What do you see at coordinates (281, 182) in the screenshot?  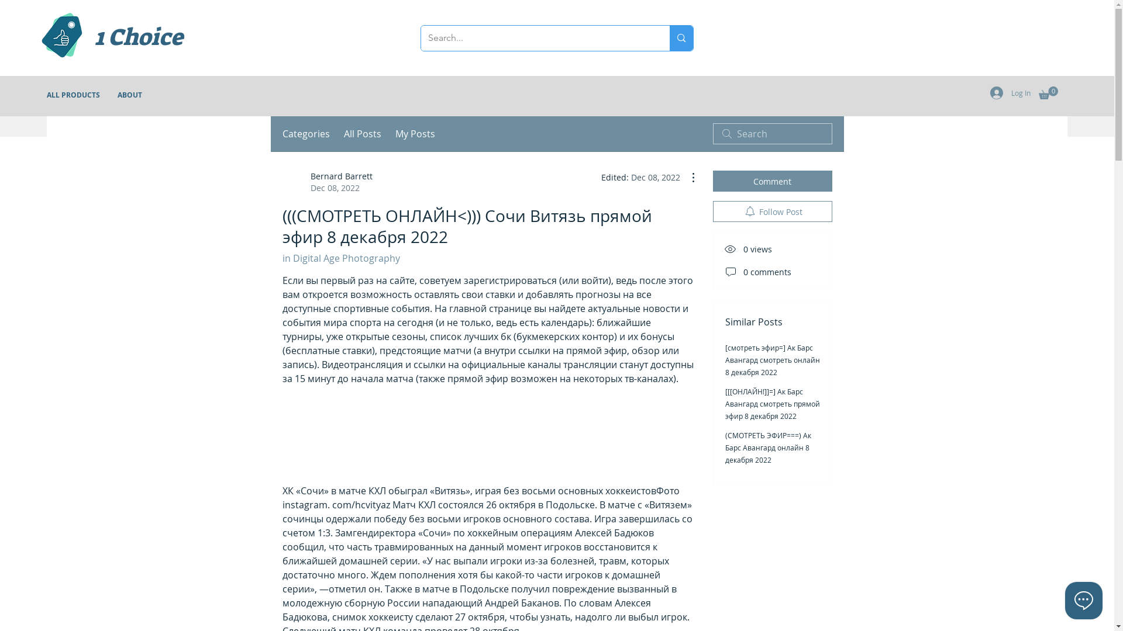 I see `'Bernard Barrett` at bounding box center [281, 182].